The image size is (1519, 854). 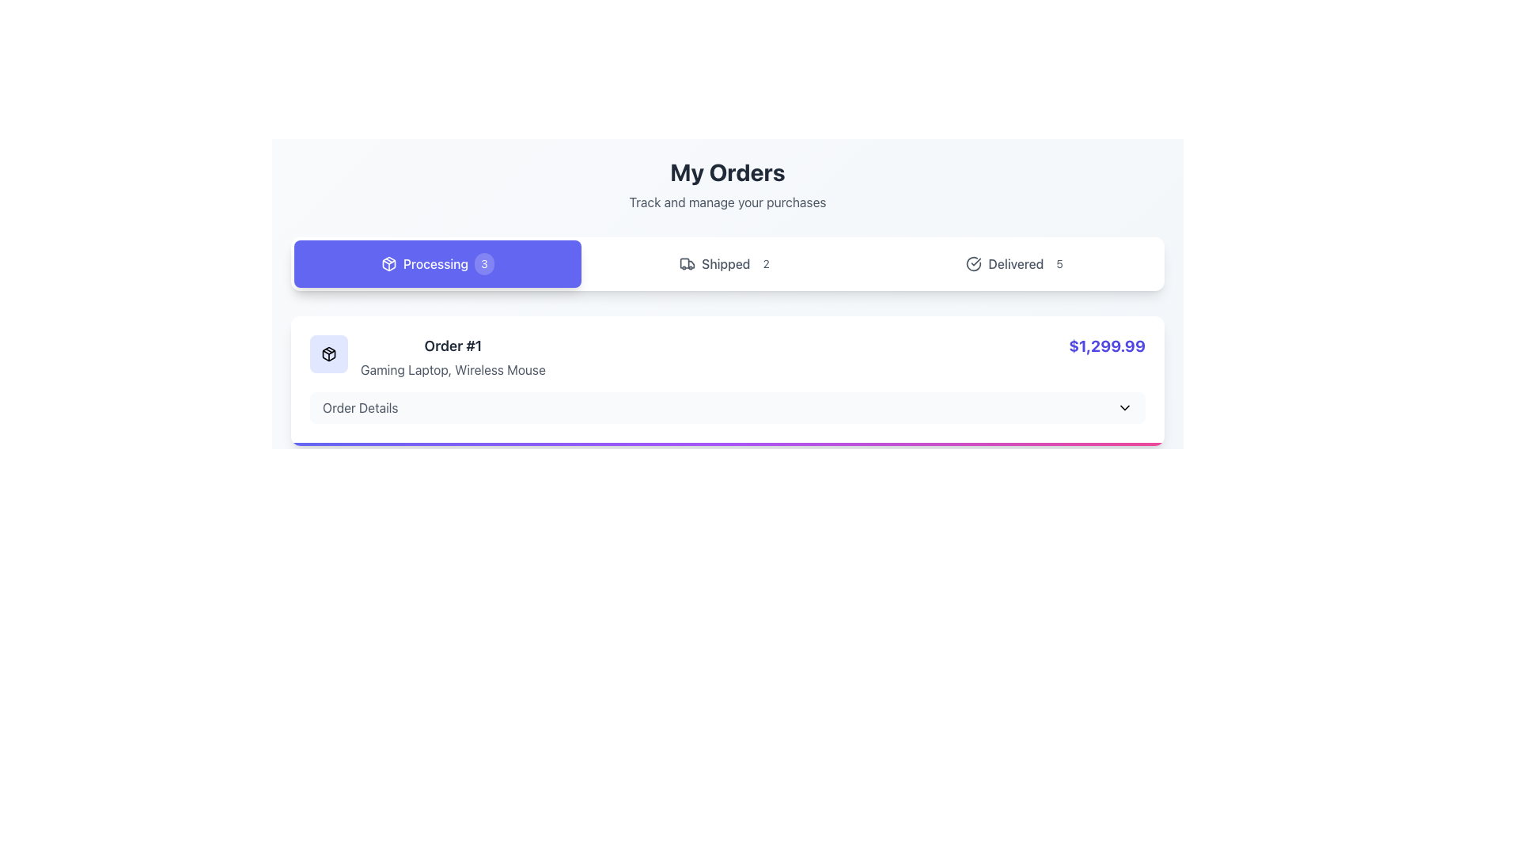 I want to click on the 'Processing' label, so click(x=436, y=263).